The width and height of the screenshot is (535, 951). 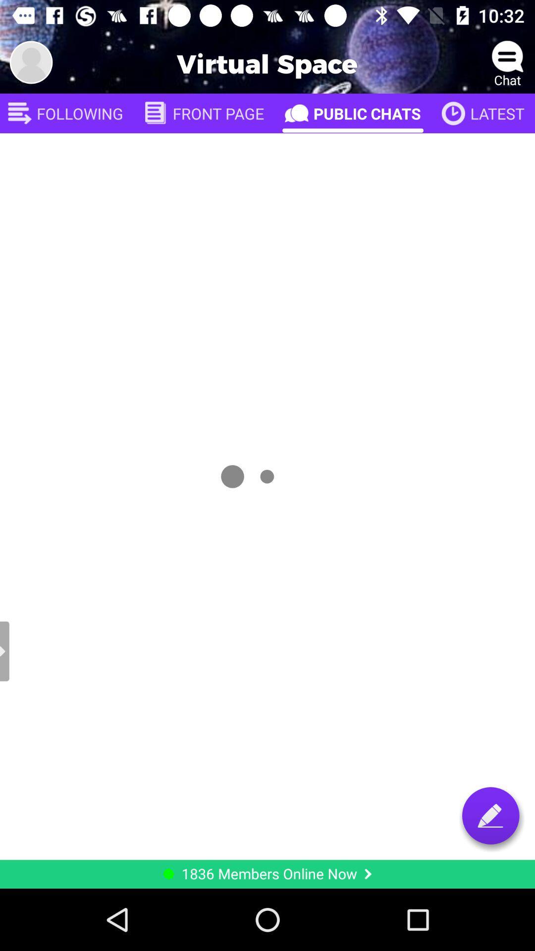 I want to click on my profile, so click(x=30, y=61).